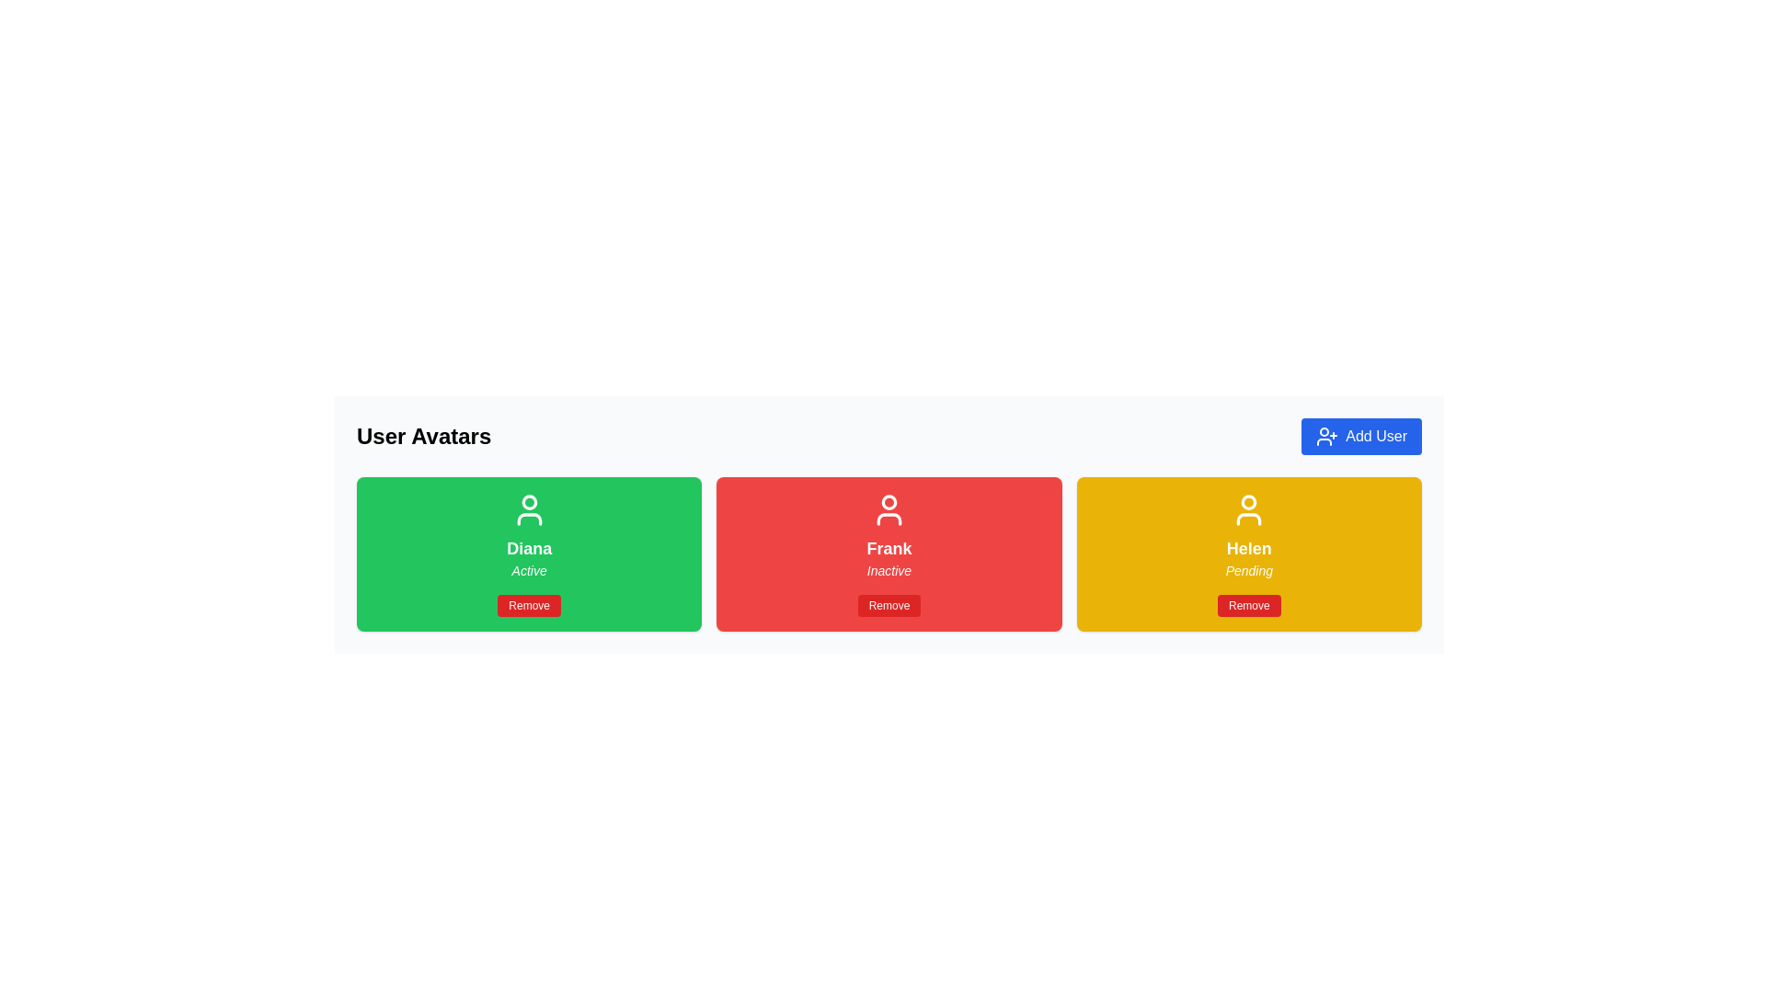 The height and width of the screenshot is (993, 1766). Describe the element at coordinates (528, 548) in the screenshot. I see `the text label identifying the user 'Diana', which is positioned below the user icon and above the smaller italic text labeled 'Active'` at that location.